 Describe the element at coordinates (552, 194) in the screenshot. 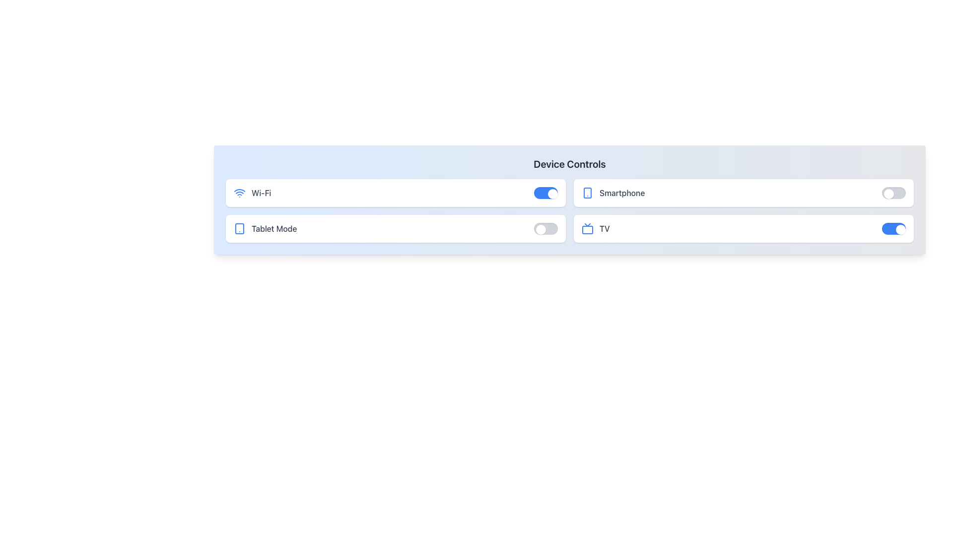

I see `the white circular toggle knob within the blue rectangular toggle switch labeled 'Wi-Fi'` at that location.